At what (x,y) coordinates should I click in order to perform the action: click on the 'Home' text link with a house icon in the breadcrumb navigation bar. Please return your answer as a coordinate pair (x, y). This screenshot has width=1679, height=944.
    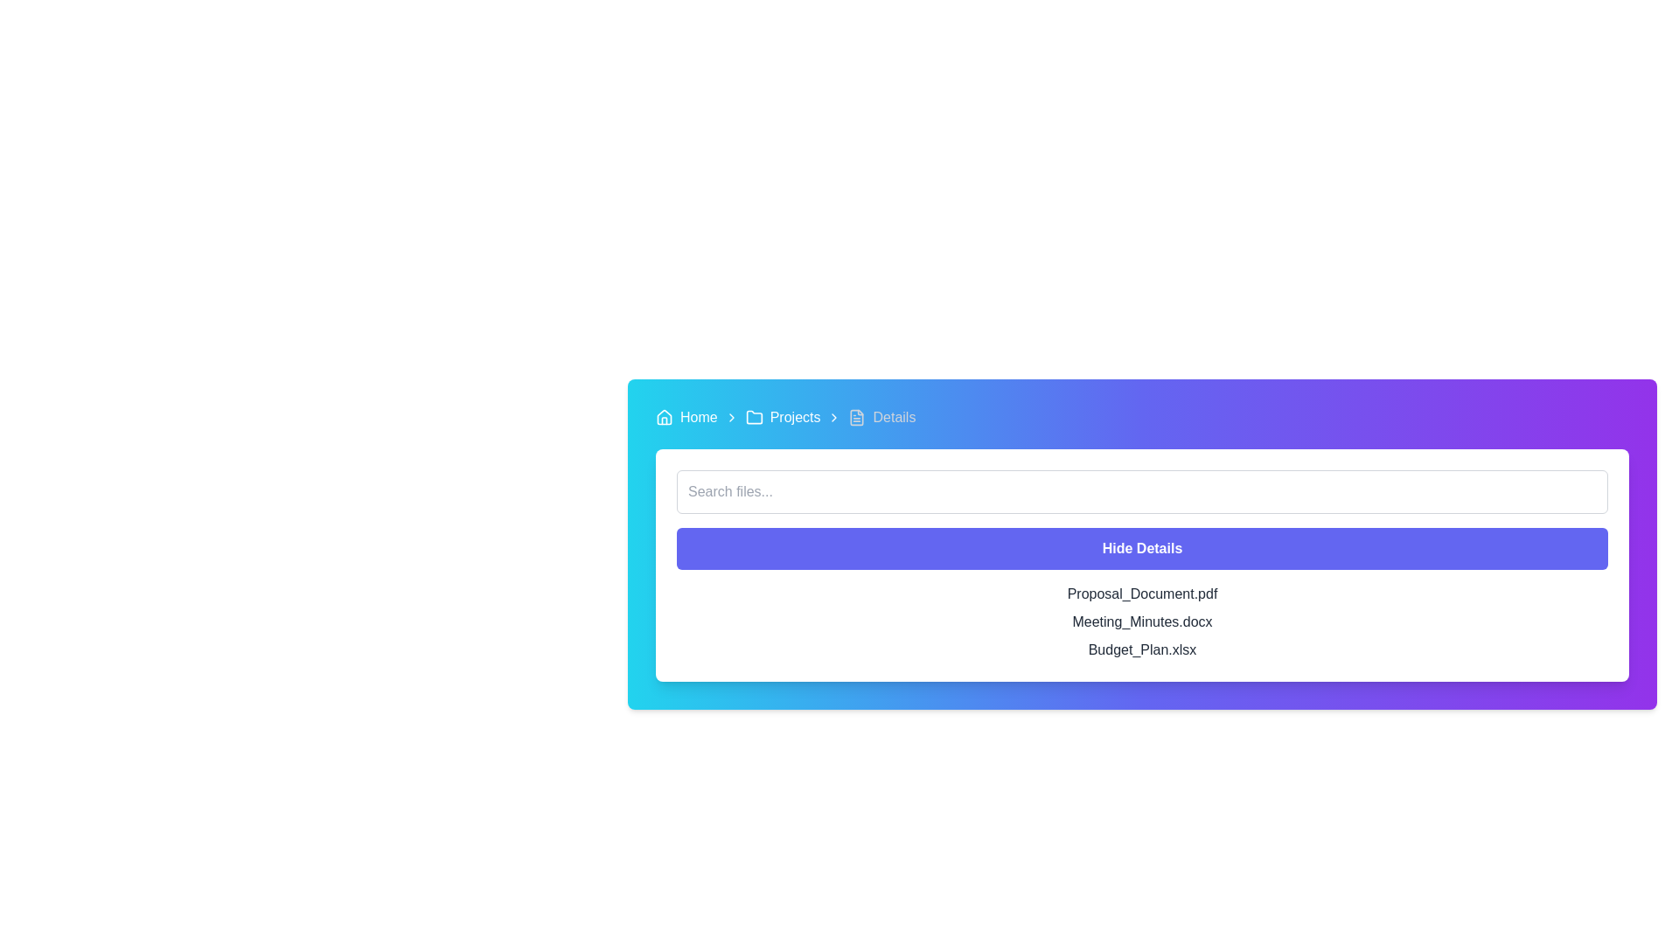
    Looking at the image, I should click on (686, 418).